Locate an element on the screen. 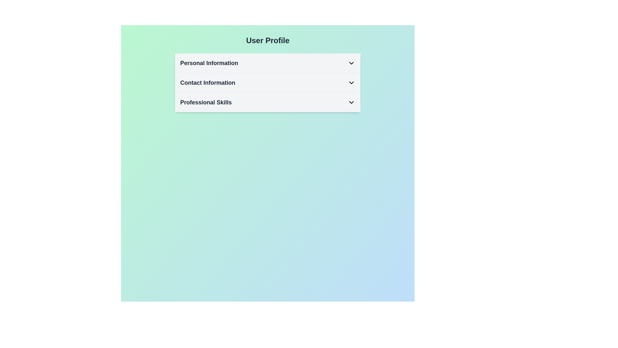 The height and width of the screenshot is (348, 618). the downward-pointing chevron icon (SVG graphic) located adjacent to the right side of the 'Personal Information' text is located at coordinates (351, 63).